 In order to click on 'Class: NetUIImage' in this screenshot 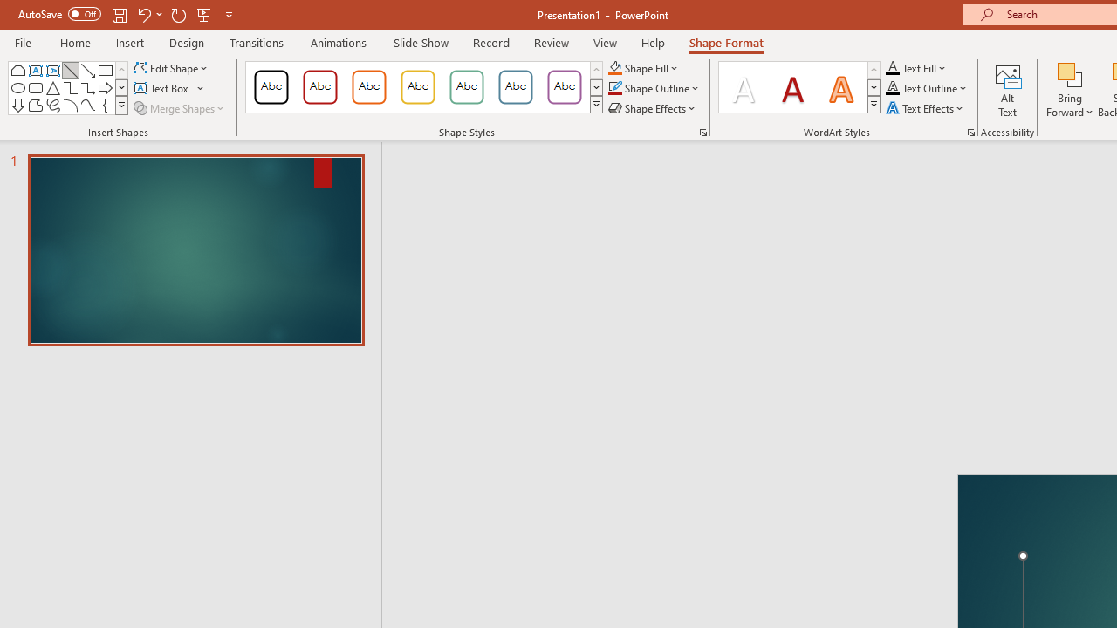, I will do `click(874, 104)`.